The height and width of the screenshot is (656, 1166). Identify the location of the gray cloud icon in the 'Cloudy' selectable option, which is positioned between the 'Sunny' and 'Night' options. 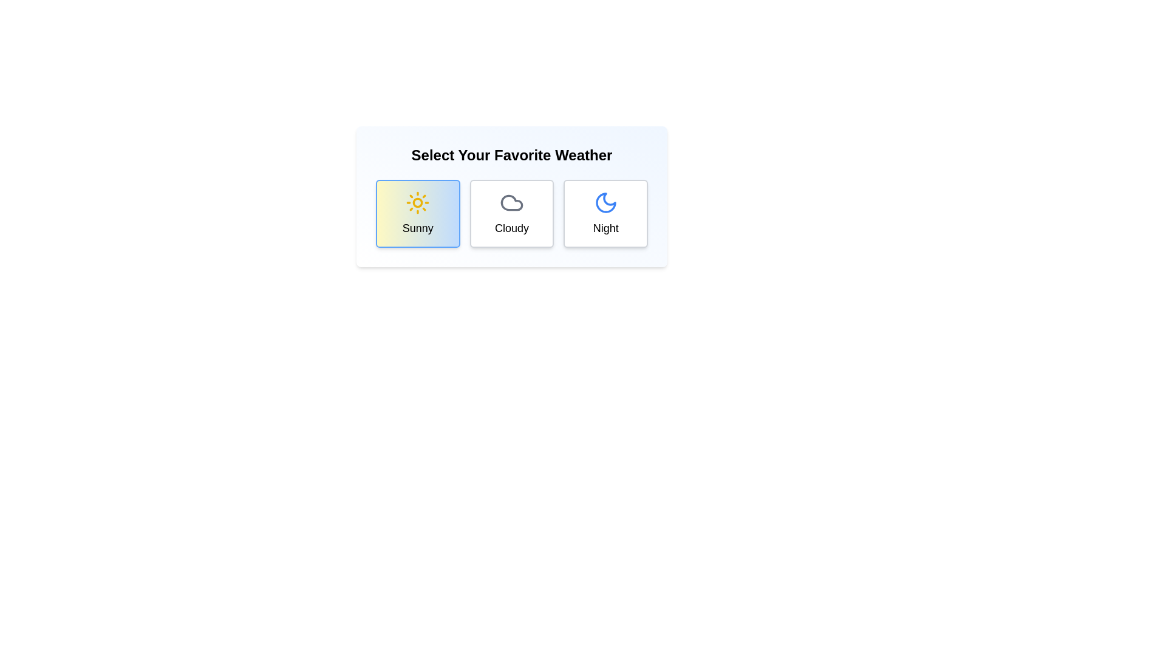
(512, 202).